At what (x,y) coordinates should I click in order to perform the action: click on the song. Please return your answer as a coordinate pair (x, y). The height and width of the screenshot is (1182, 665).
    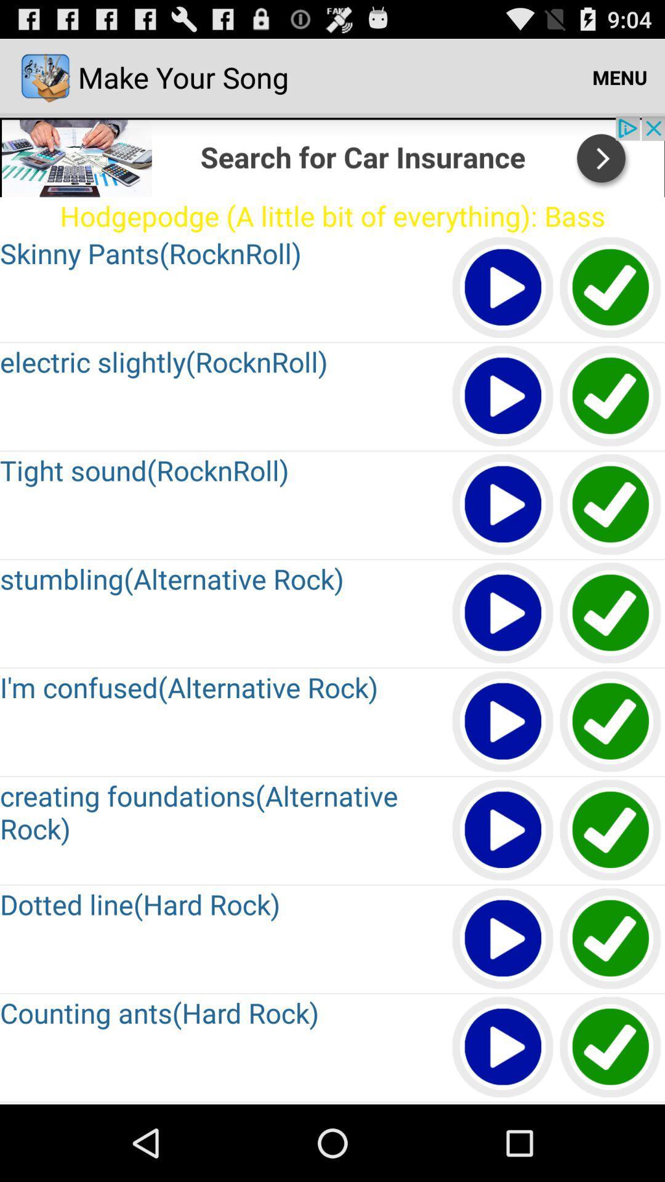
    Looking at the image, I should click on (611, 505).